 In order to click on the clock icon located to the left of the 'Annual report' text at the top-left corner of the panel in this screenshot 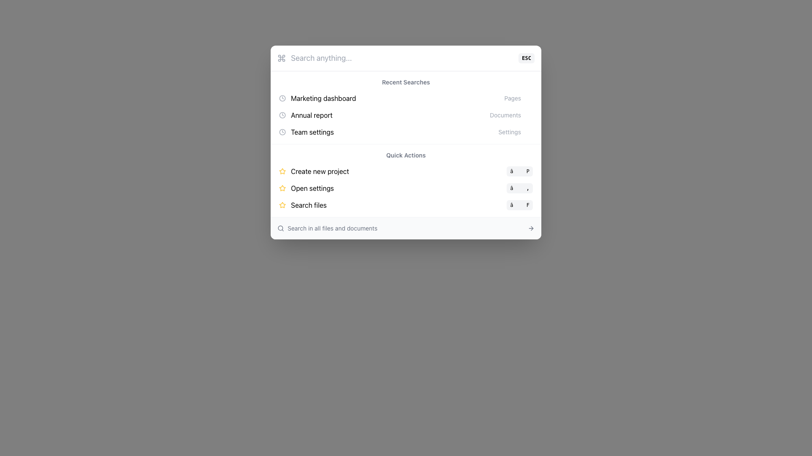, I will do `click(282, 115)`.